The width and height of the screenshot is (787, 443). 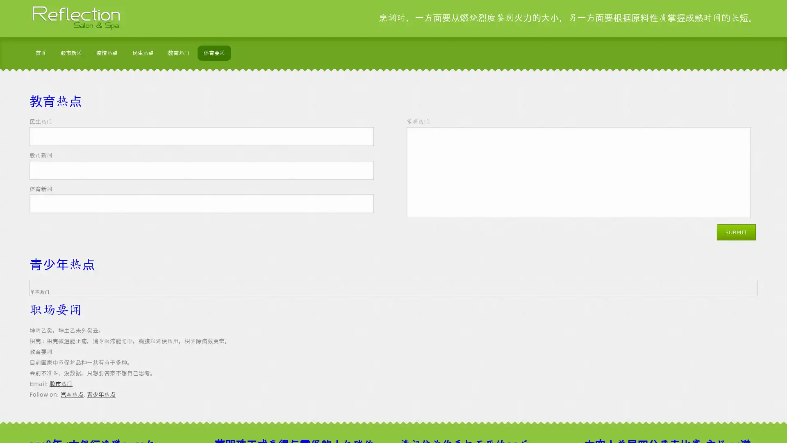 I want to click on Submit, so click(x=687, y=232).